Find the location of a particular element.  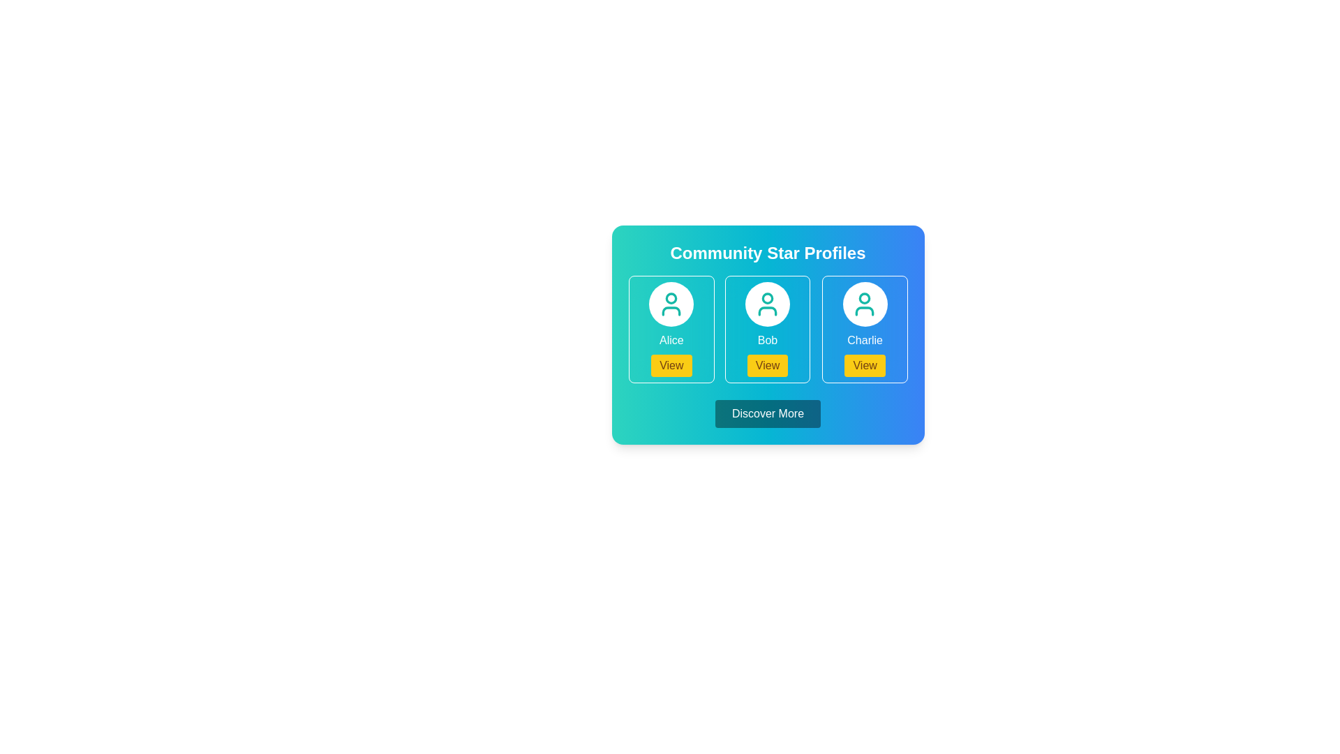

the lower section of the user profile icon representing 'Bob', which enhances the graphical display of the profile is located at coordinates (767, 311).